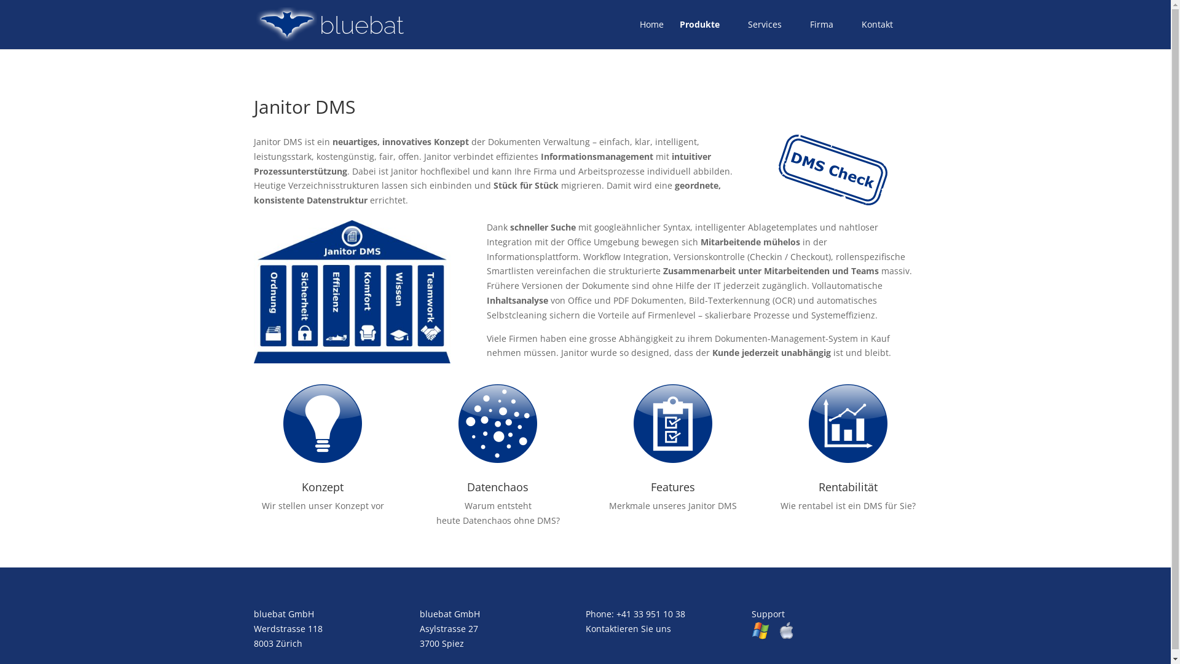 Image resolution: width=1180 pixels, height=664 pixels. I want to click on 'Konzept', so click(301, 486).